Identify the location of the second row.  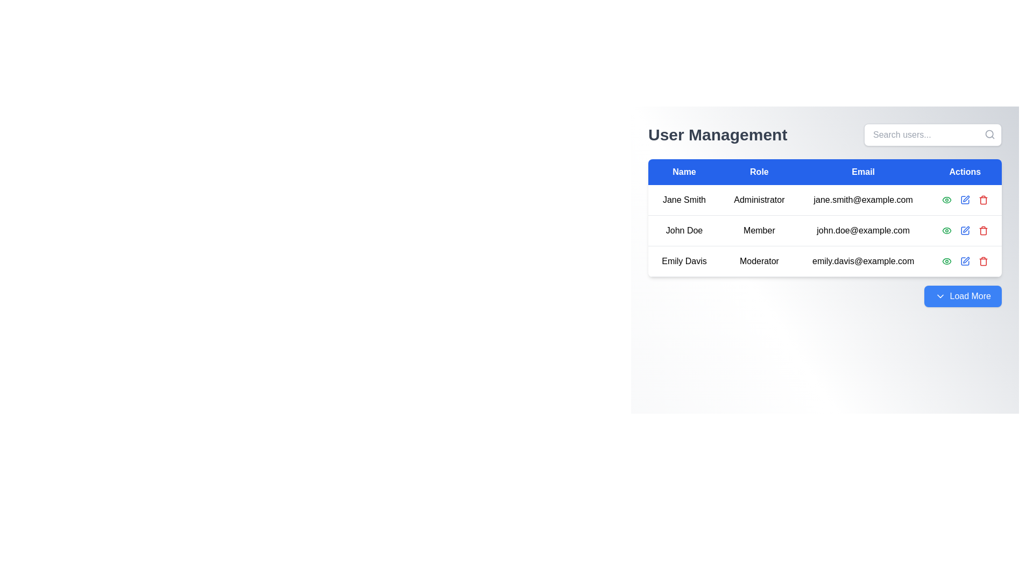
(824, 230).